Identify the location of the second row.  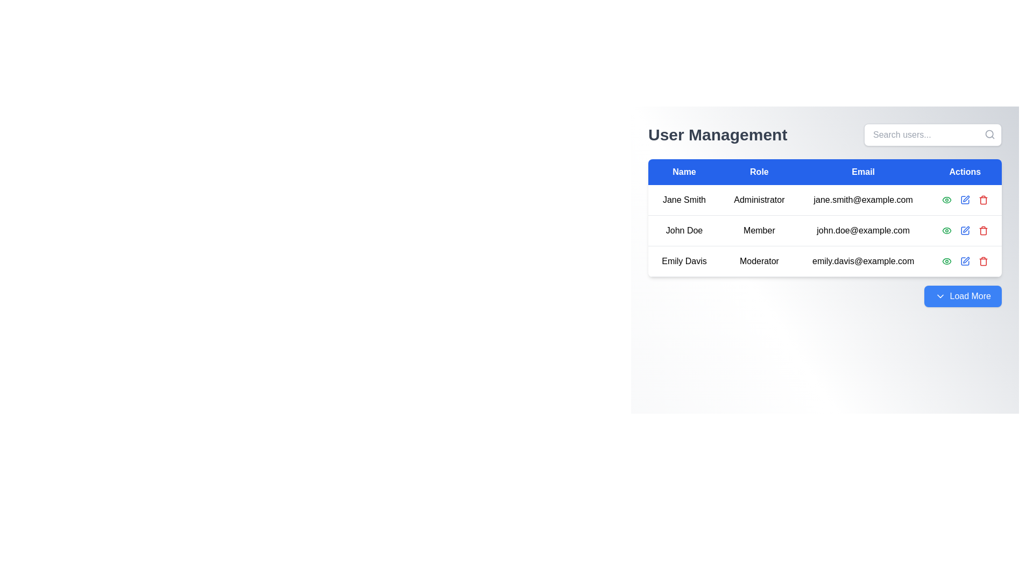
(824, 230).